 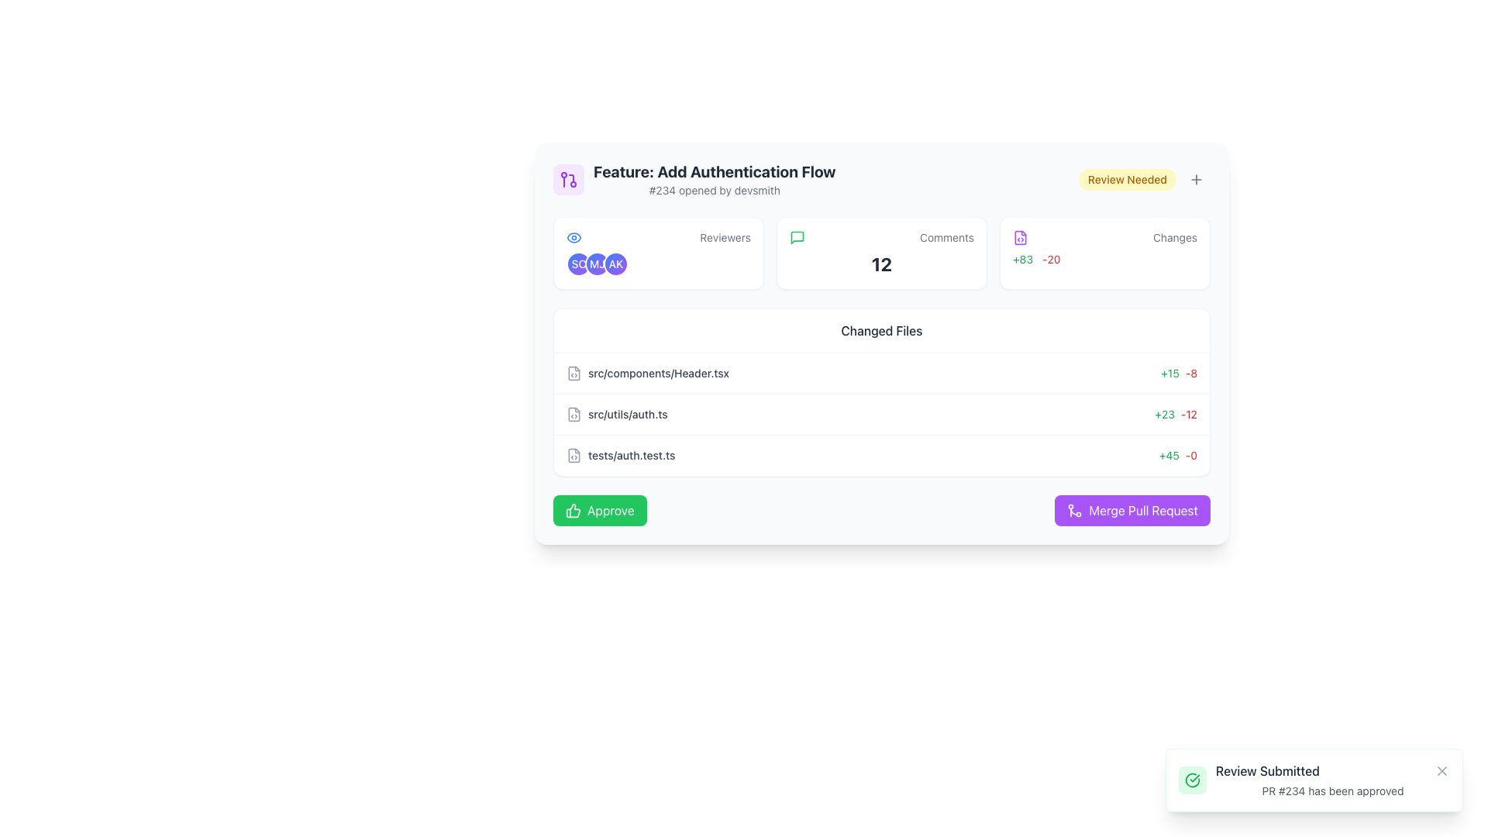 I want to click on the Text display element showing the numbers '+83' in green and '-20' in red, located in the 'Changes' section of the white card UI near the top right corner, so click(x=1104, y=259).